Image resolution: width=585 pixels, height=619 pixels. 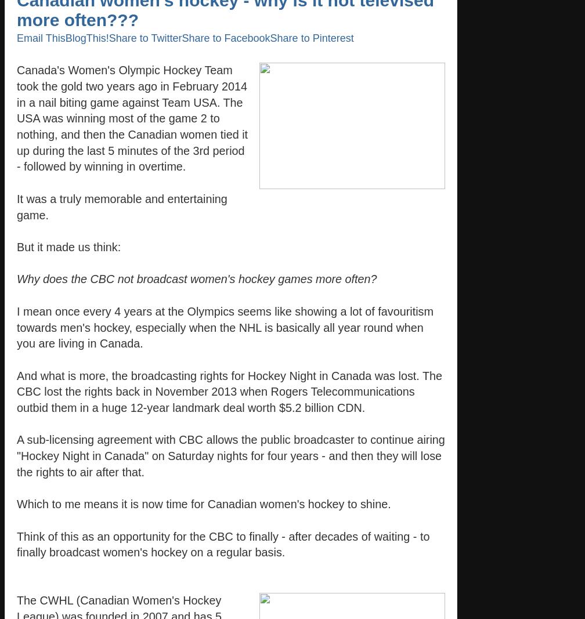 I want to click on 'Think of this as an opportunity for the CBC to finally - after decades 
of waiting - to finally broadcast women's hockey on a regular basis.', so click(x=223, y=544).